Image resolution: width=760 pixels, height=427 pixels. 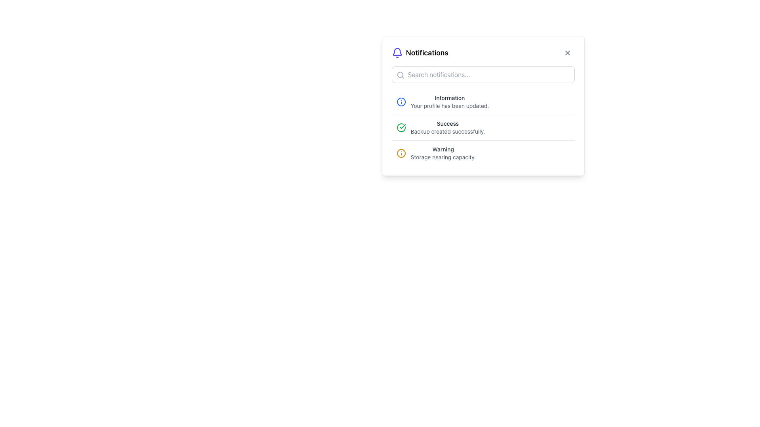 I want to click on the Text label providing a detailed explanation of the storage capacity warning, located below the 'Warning' title in the notification card, so click(x=443, y=157).